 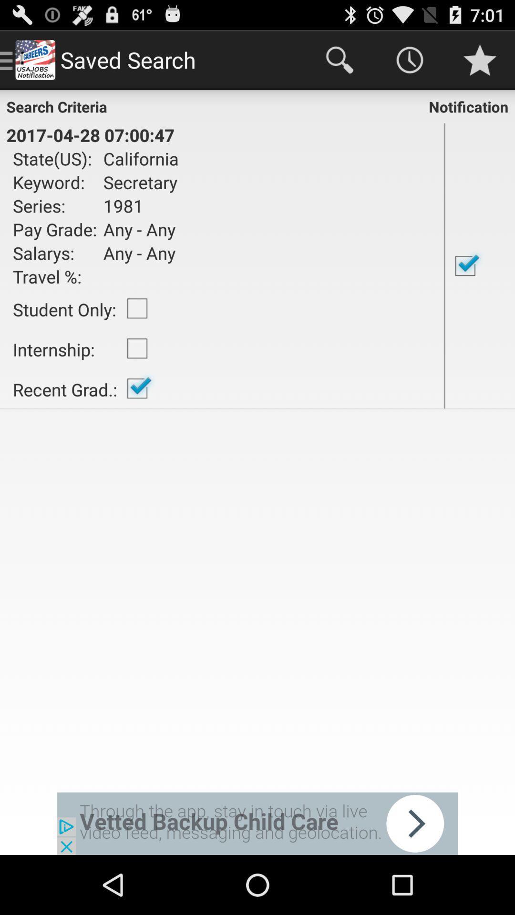 What do you see at coordinates (55, 205) in the screenshot?
I see `item next to the secretary app` at bounding box center [55, 205].